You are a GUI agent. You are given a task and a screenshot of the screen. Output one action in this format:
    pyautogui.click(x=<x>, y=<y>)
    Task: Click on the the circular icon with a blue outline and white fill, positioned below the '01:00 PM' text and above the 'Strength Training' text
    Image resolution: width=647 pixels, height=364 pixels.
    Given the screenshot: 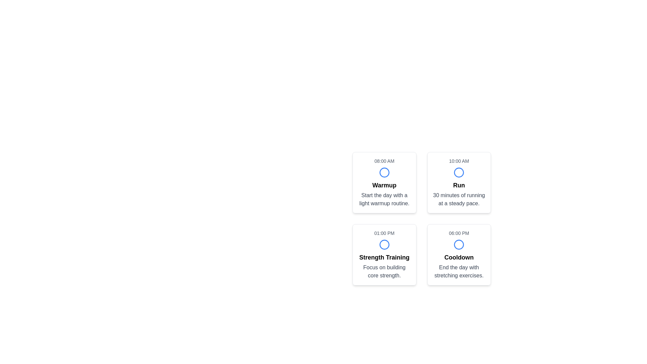 What is the action you would take?
    pyautogui.click(x=384, y=244)
    